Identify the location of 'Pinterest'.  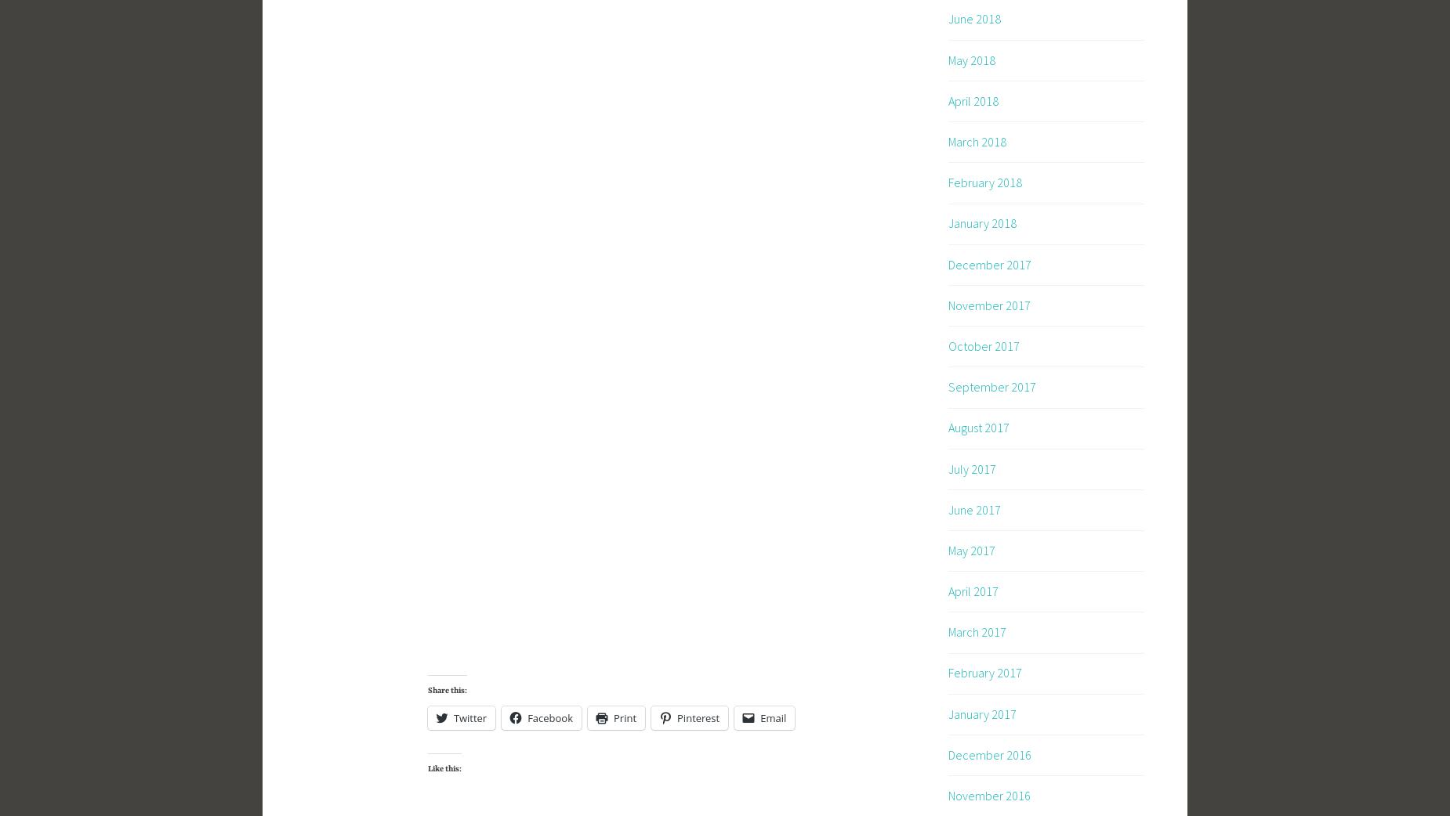
(698, 717).